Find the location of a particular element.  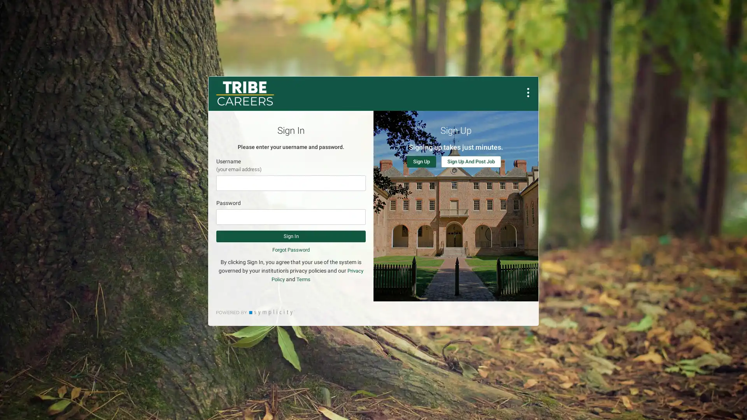

Sign Up and Post Job is located at coordinates (470, 161).